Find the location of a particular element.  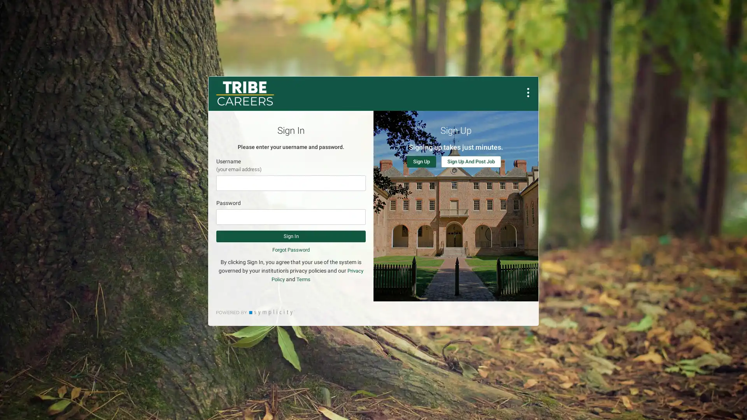

Sign Up and Post Job is located at coordinates (470, 161).